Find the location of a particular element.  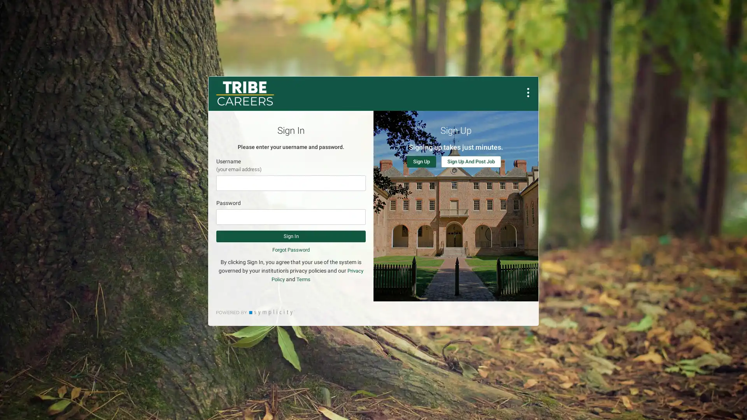

Sign Up and Post Job is located at coordinates (470, 161).